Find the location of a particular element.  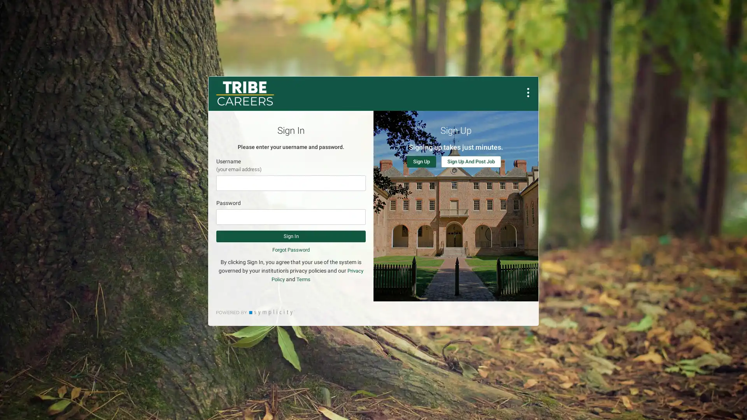

Sign Up and Post Job is located at coordinates (470, 161).